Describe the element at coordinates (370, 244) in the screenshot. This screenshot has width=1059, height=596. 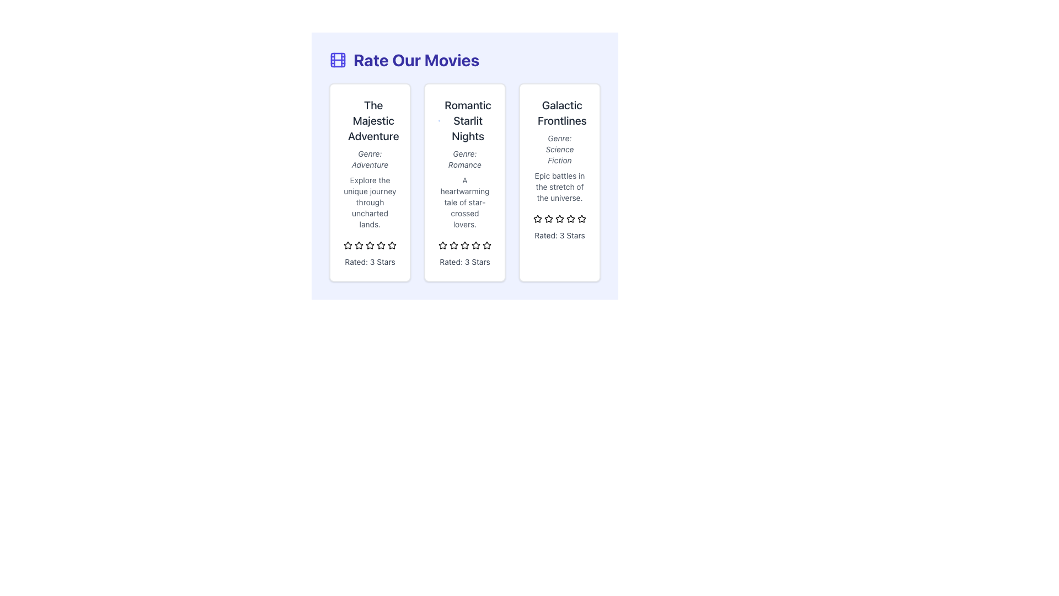
I see `the second star icon in the rating system under the card titled 'The Majestic Adventure'` at that location.